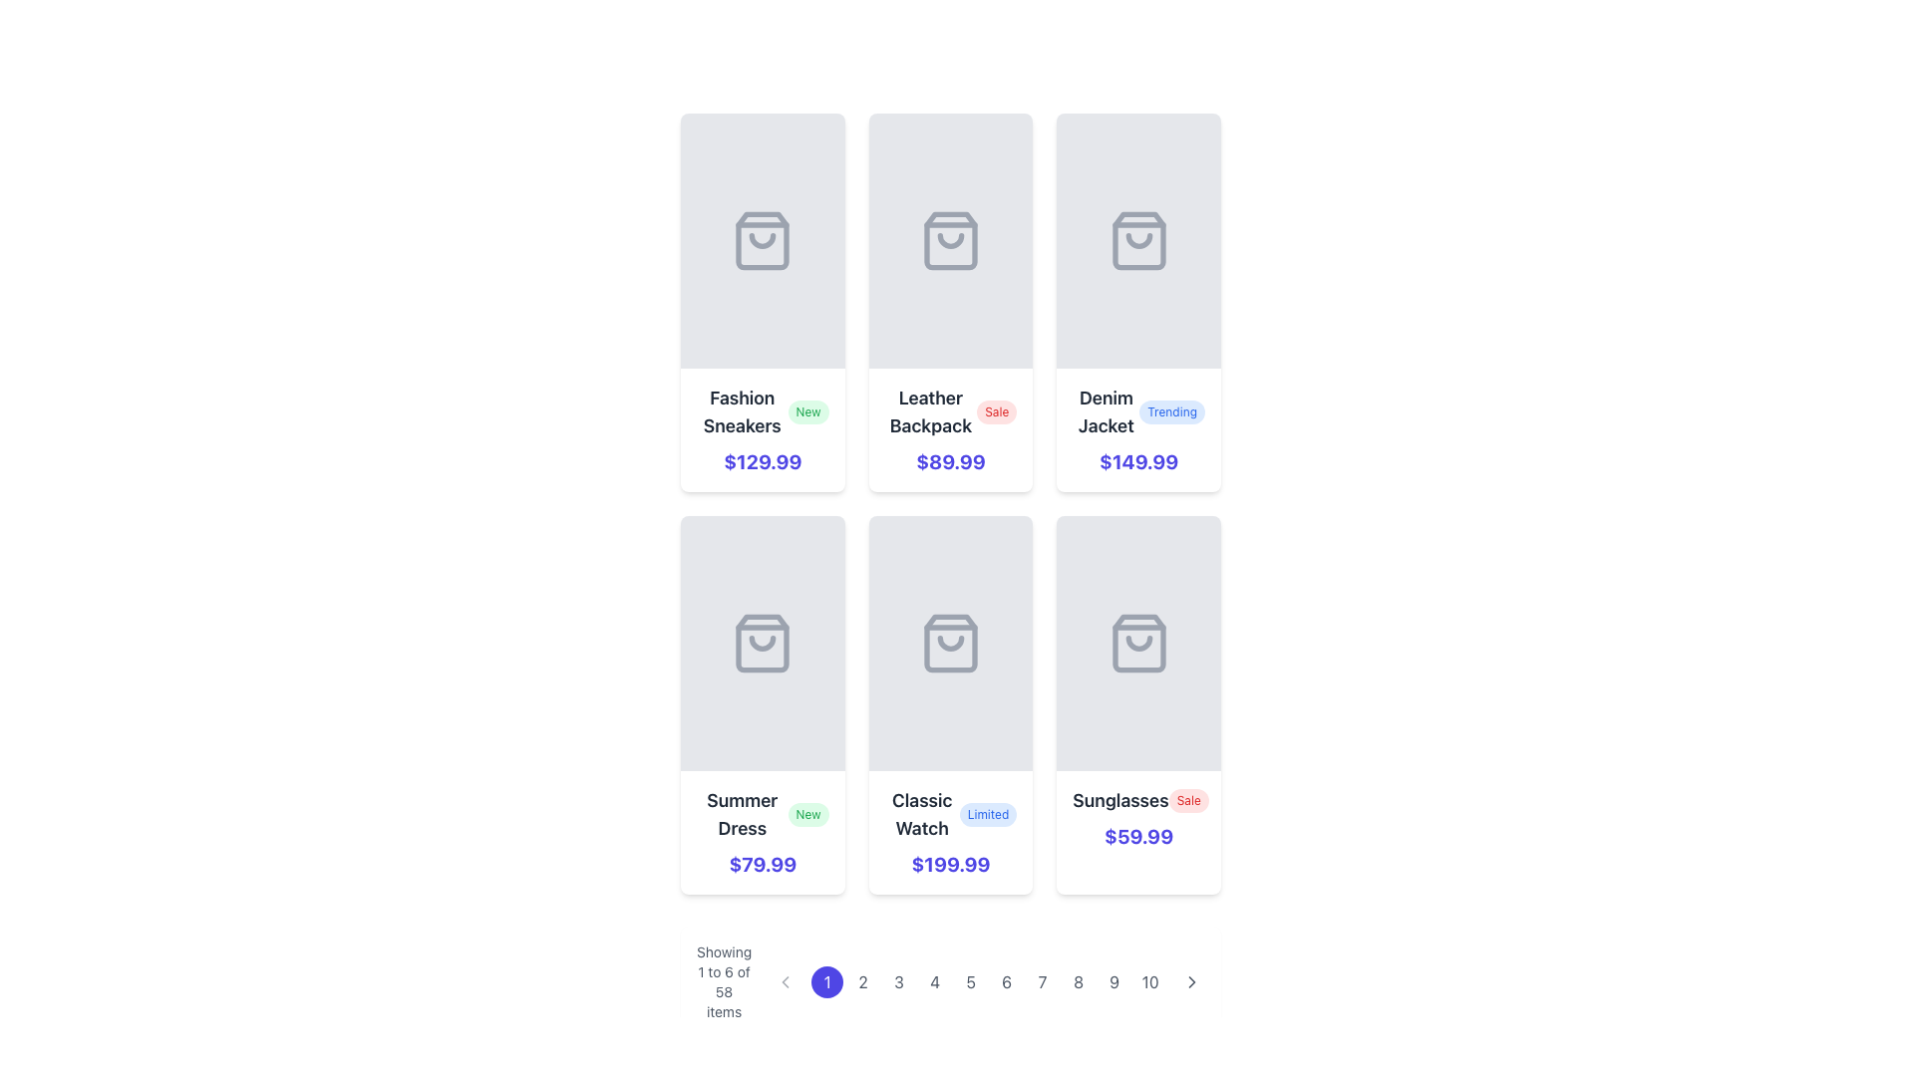 The width and height of the screenshot is (1914, 1076). What do you see at coordinates (1138, 643) in the screenshot?
I see `the shopping bag icon located at the top of the sixth card labeled 'Sunglasses' with a price of $59.99` at bounding box center [1138, 643].